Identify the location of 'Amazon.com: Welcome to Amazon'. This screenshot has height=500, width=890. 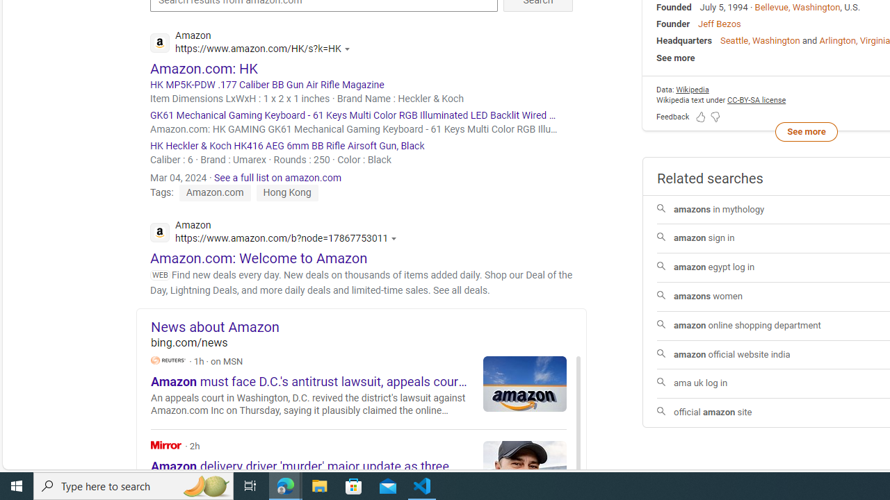
(259, 258).